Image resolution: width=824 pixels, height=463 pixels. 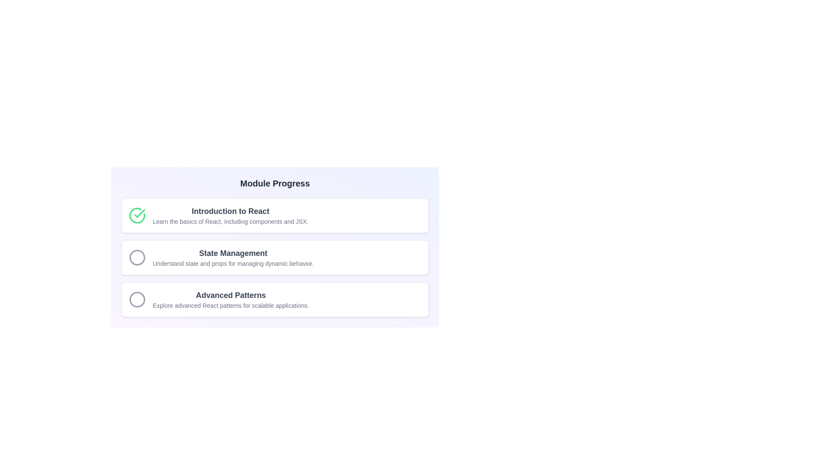 I want to click on the circular, green check icon indicating completion for the 'Introduction to React' module located at the left end of the first row of course progress items, so click(x=137, y=215).